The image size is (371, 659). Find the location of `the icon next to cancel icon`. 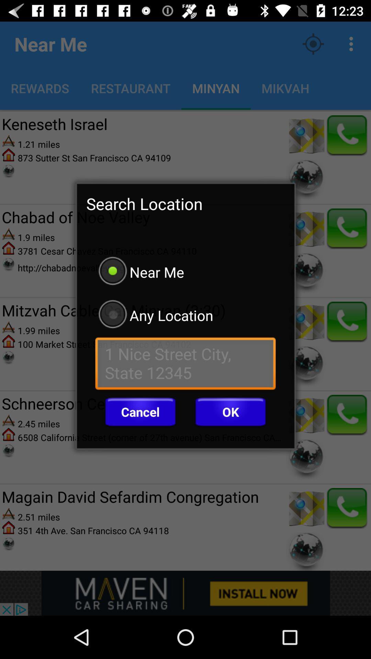

the icon next to cancel icon is located at coordinates (231, 412).